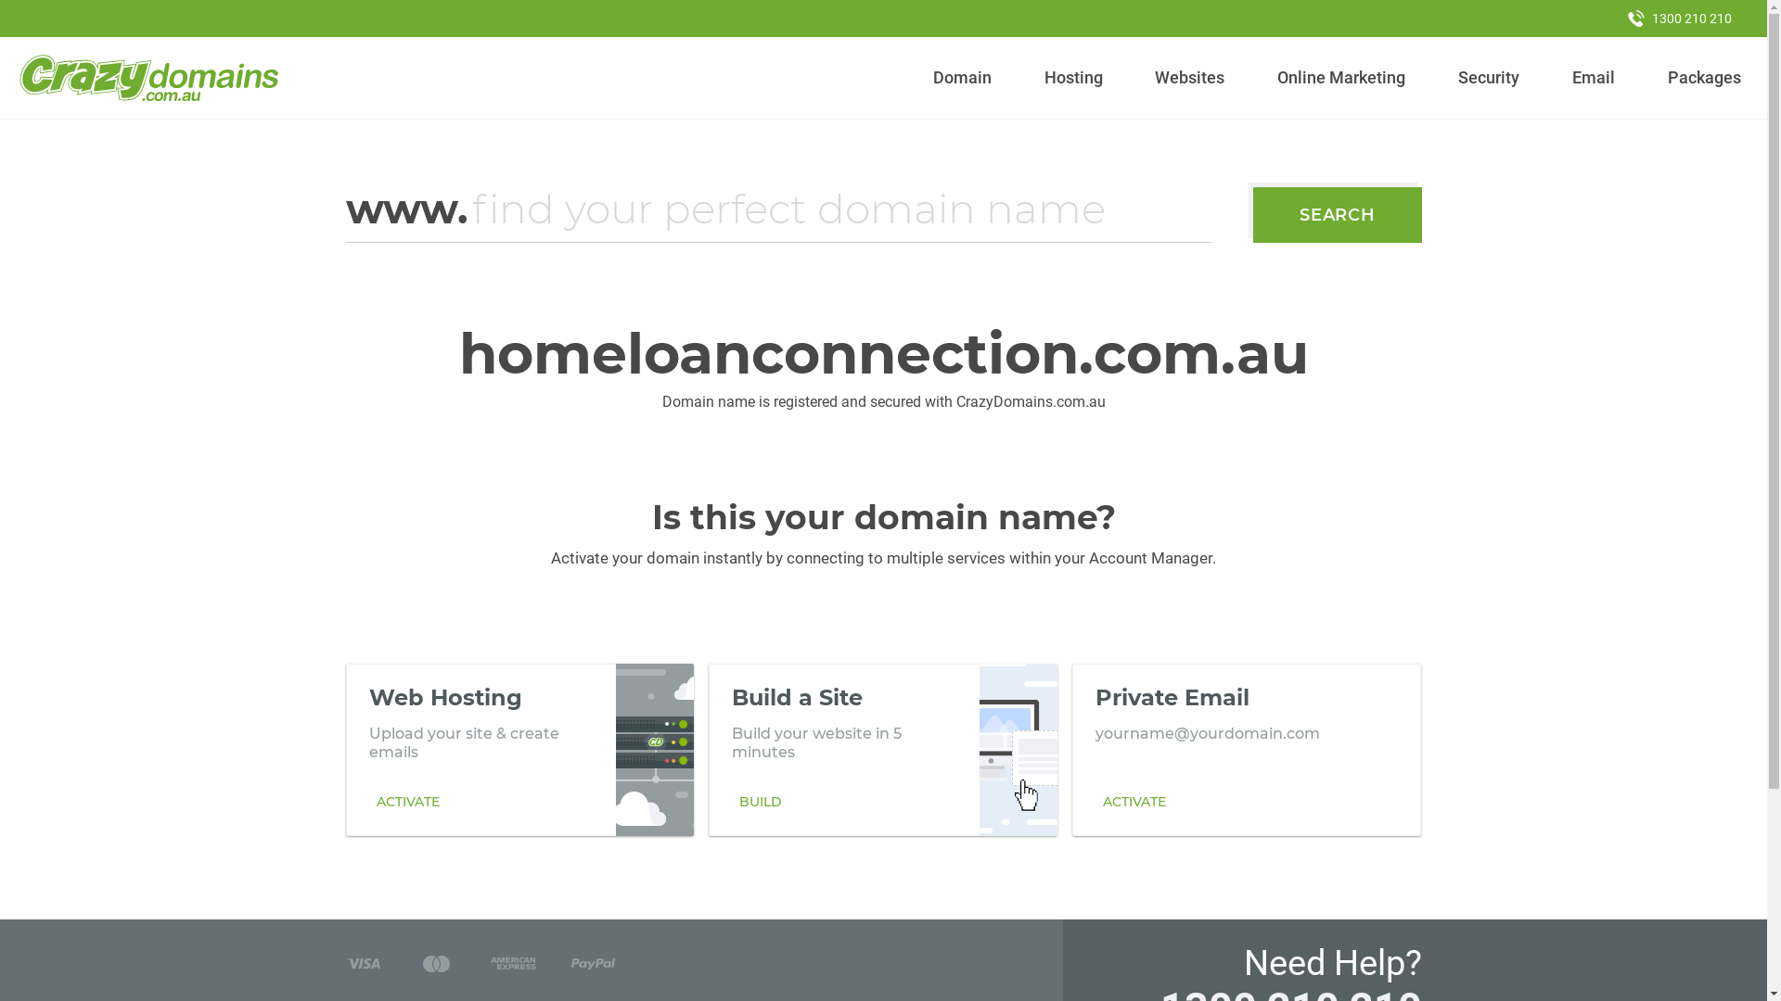  What do you see at coordinates (1489, 77) in the screenshot?
I see `'Security'` at bounding box center [1489, 77].